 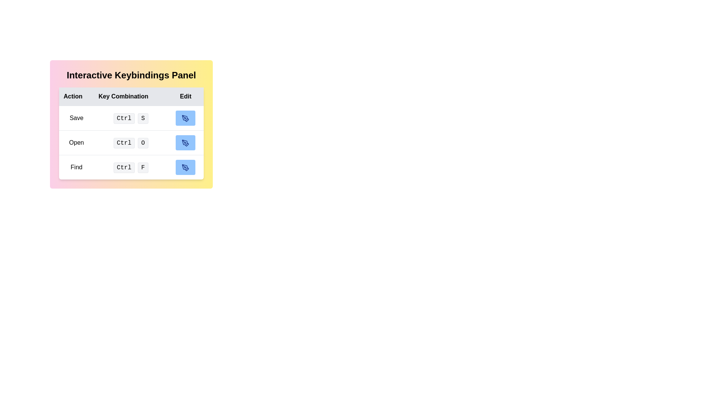 I want to click on the rounded blue button with a pen icon located in the 'Edit' column next to the 'Save' row for keyboard navigation, so click(x=186, y=118).